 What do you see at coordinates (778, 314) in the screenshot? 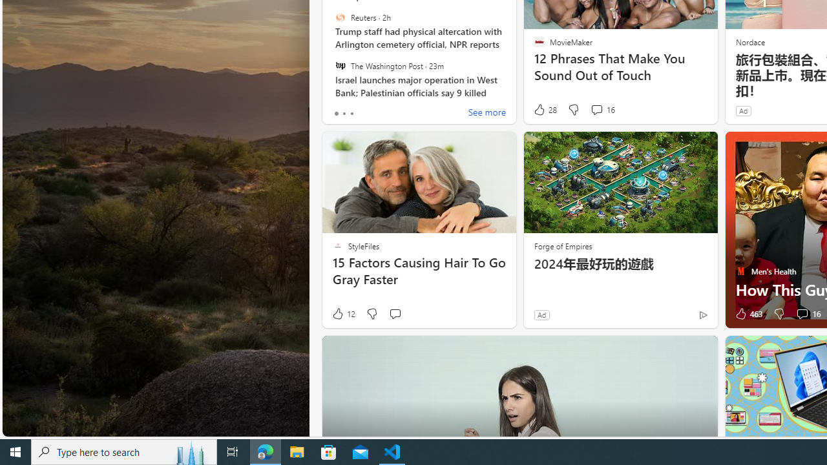
I see `'Dislike'` at bounding box center [778, 314].